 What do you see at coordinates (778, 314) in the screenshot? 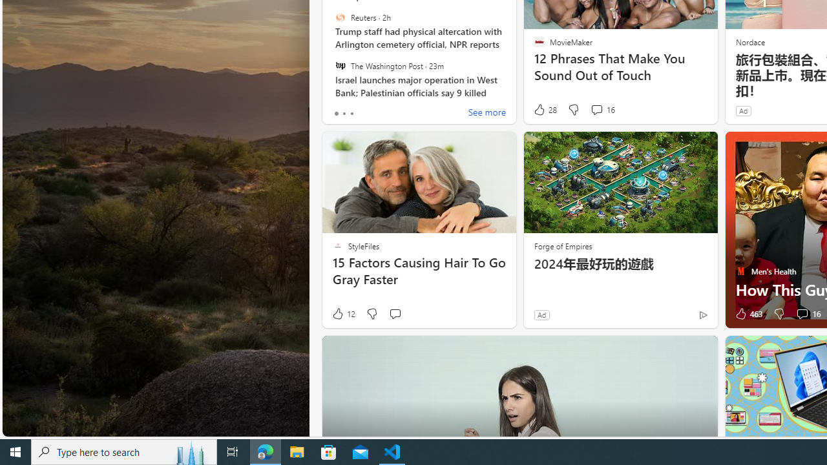
I see `'Dislike'` at bounding box center [778, 314].